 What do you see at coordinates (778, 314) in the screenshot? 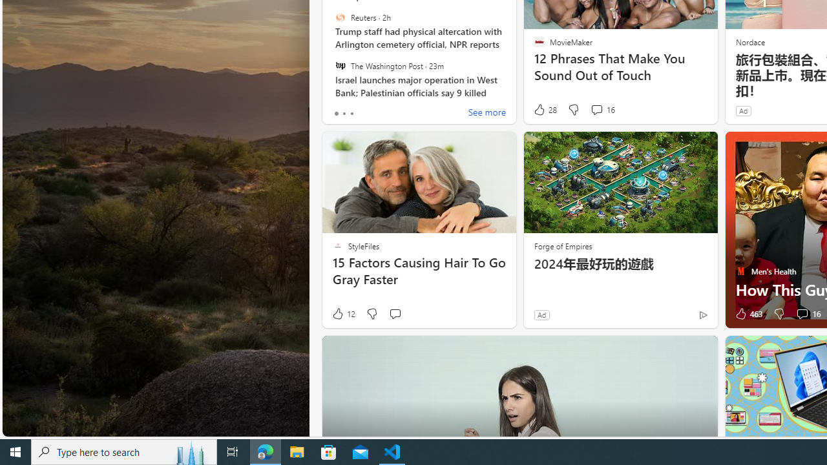
I see `'Dislike'` at bounding box center [778, 314].